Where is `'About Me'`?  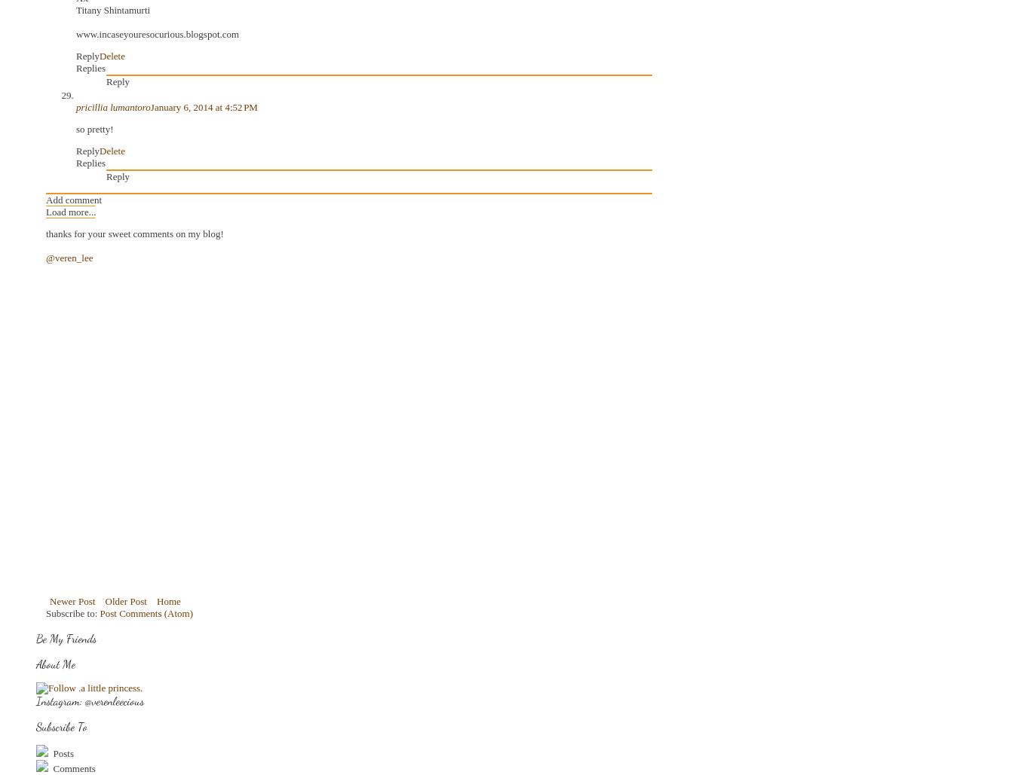
'About Me' is located at coordinates (55, 663).